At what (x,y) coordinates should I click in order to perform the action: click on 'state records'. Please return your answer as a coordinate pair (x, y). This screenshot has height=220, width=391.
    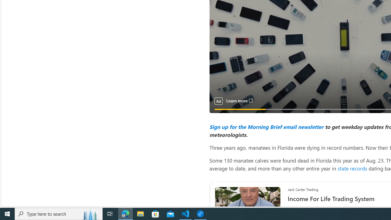
    Looking at the image, I should click on (352, 168).